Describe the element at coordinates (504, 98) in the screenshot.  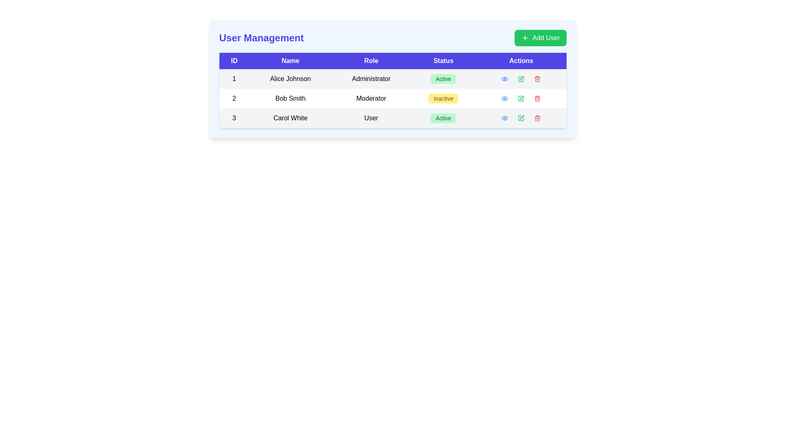
I see `the button located in the 'Actions' column of the second row of the table` at that location.